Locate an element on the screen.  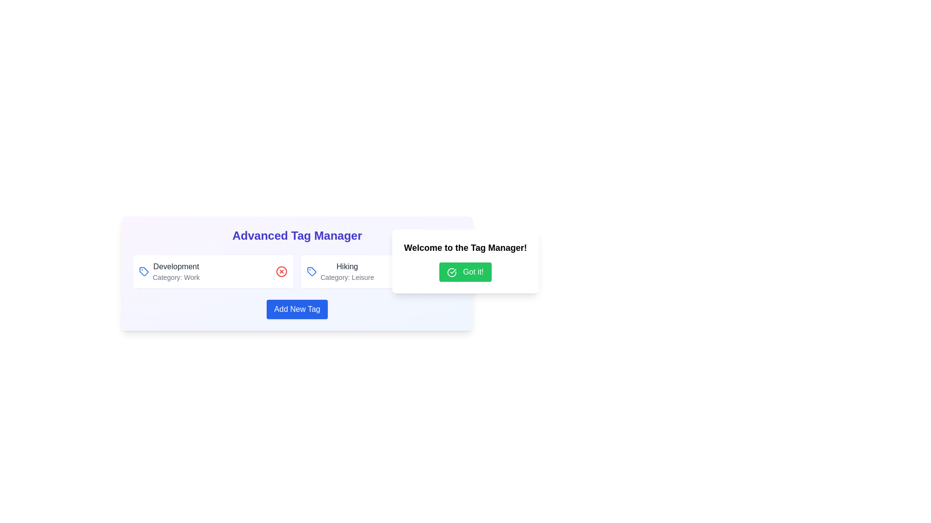
the bold text heading that says 'Welcome to the Tag Manager!', which is centrally and vertically aligned above the green action button labeled 'Got it!' is located at coordinates (465, 247).